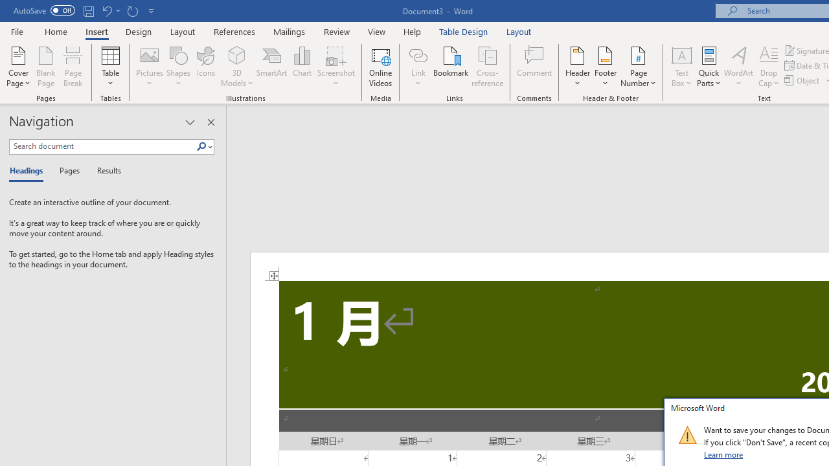 This screenshot has height=466, width=829. Describe the element at coordinates (336, 67) in the screenshot. I see `'Screenshot'` at that location.